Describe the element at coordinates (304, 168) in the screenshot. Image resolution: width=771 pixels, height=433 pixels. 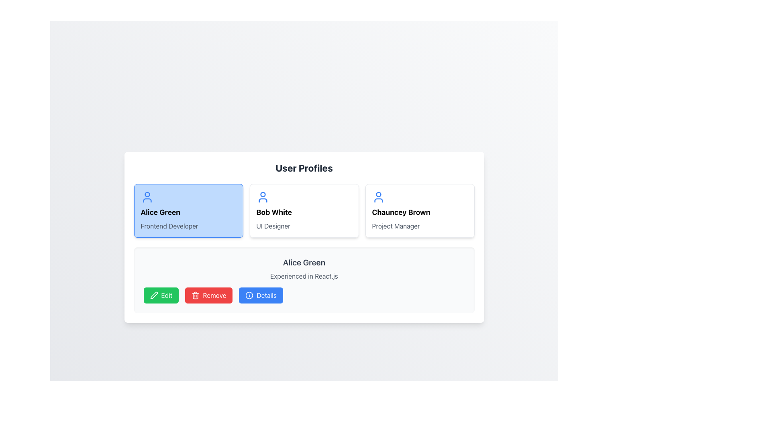
I see `the text header displaying 'User Profiles', which is prominently styled in bold and large font, located at the top of the user profile section` at that location.